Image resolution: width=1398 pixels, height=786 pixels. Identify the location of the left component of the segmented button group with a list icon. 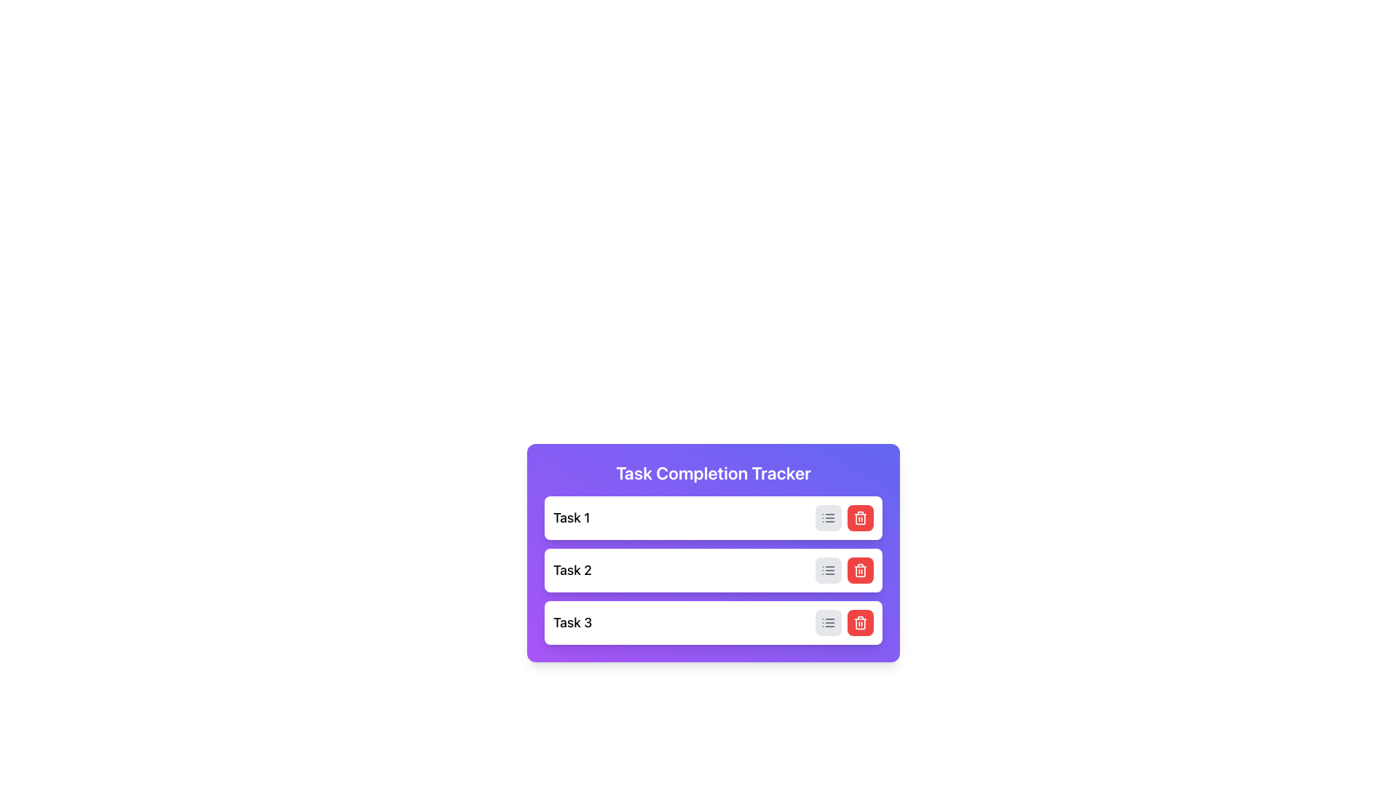
(845, 569).